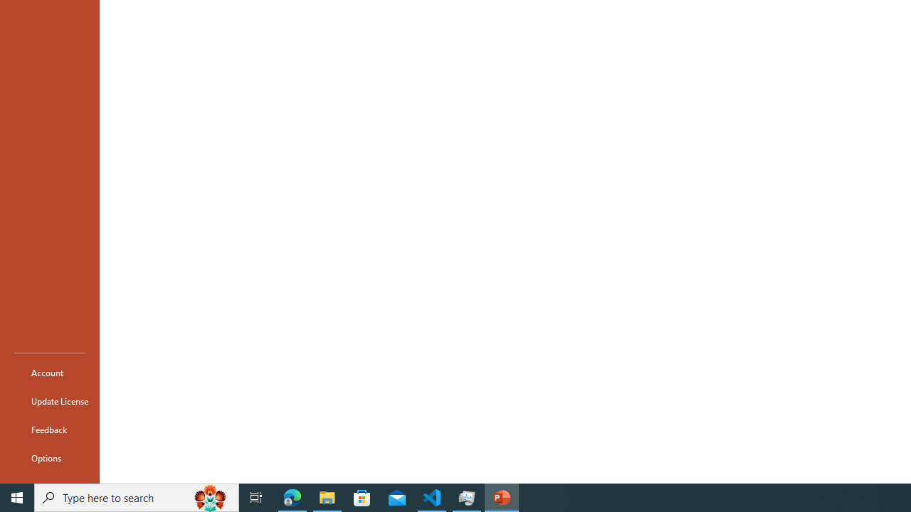 The image size is (911, 512). What do you see at coordinates (49, 458) in the screenshot?
I see `'Options'` at bounding box center [49, 458].